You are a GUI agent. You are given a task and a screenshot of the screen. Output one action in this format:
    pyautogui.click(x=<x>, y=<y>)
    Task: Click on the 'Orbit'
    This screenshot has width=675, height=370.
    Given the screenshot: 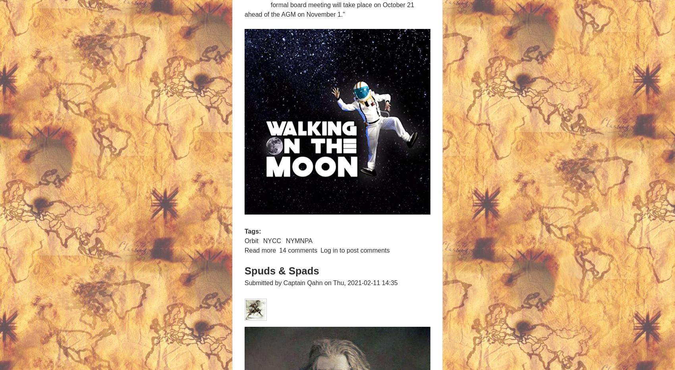 What is the action you would take?
    pyautogui.click(x=251, y=240)
    